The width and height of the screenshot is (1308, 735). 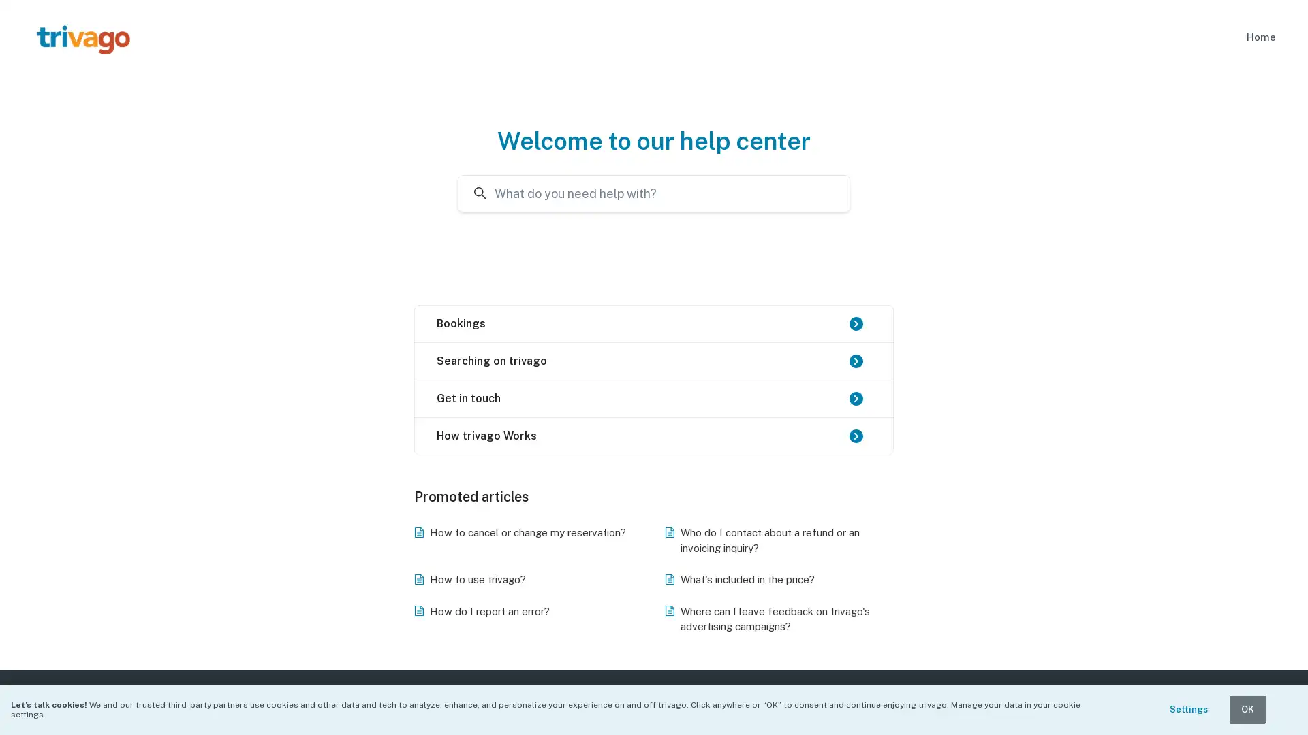 I want to click on Settings, so click(x=1187, y=708).